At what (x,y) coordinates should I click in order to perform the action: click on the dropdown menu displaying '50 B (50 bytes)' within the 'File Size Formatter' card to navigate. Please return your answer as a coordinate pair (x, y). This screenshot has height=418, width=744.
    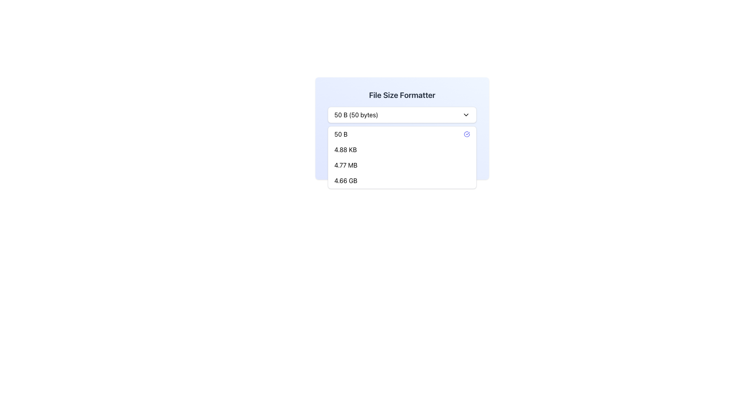
    Looking at the image, I should click on (402, 115).